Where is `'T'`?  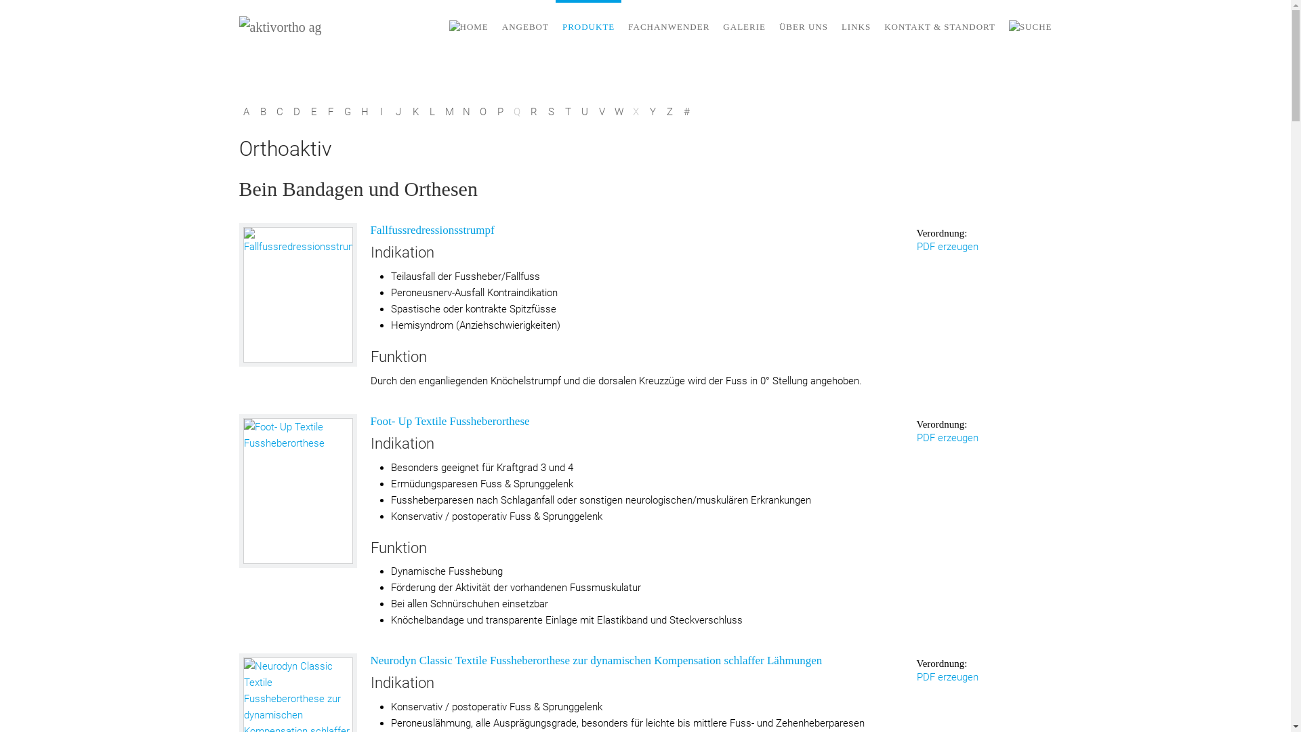
'T' is located at coordinates (568, 111).